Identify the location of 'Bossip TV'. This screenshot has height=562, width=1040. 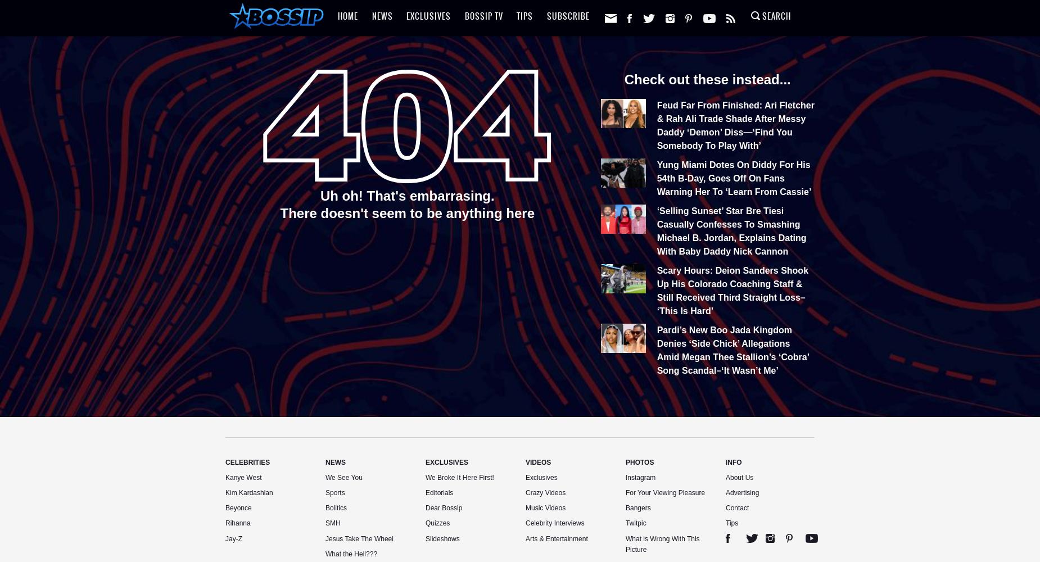
(483, 16).